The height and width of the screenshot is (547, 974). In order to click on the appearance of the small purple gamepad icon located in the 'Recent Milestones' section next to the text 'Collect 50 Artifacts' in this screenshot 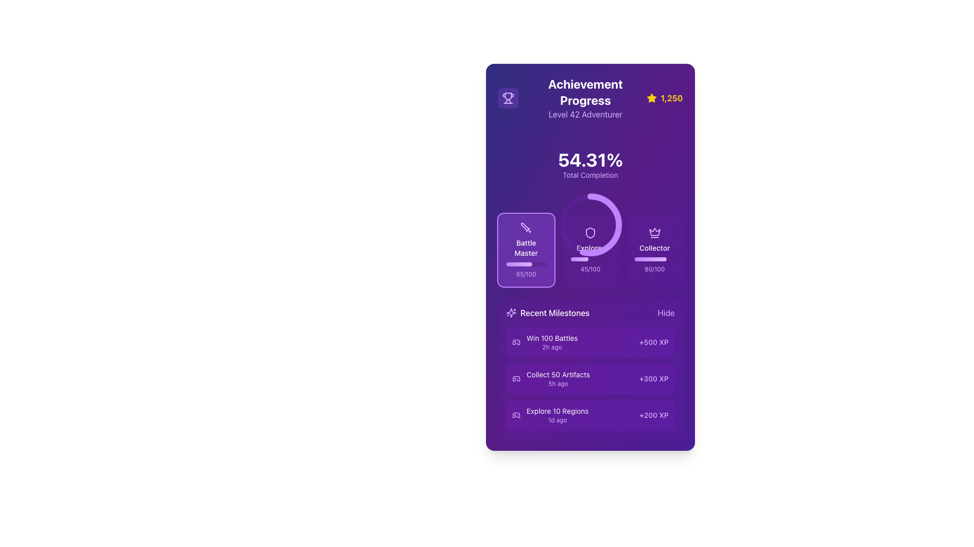, I will do `click(516, 379)`.